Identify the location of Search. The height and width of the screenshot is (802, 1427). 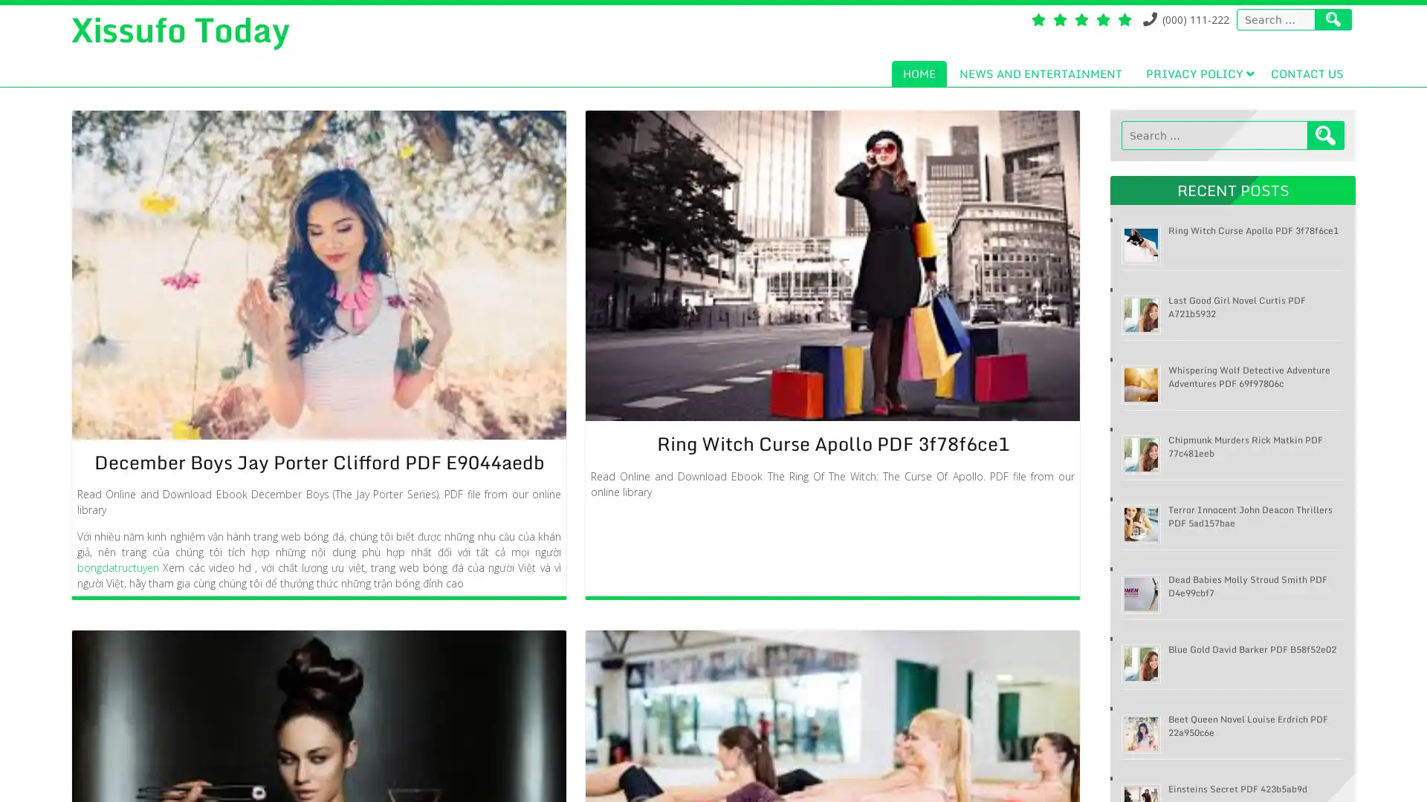
(1326, 135).